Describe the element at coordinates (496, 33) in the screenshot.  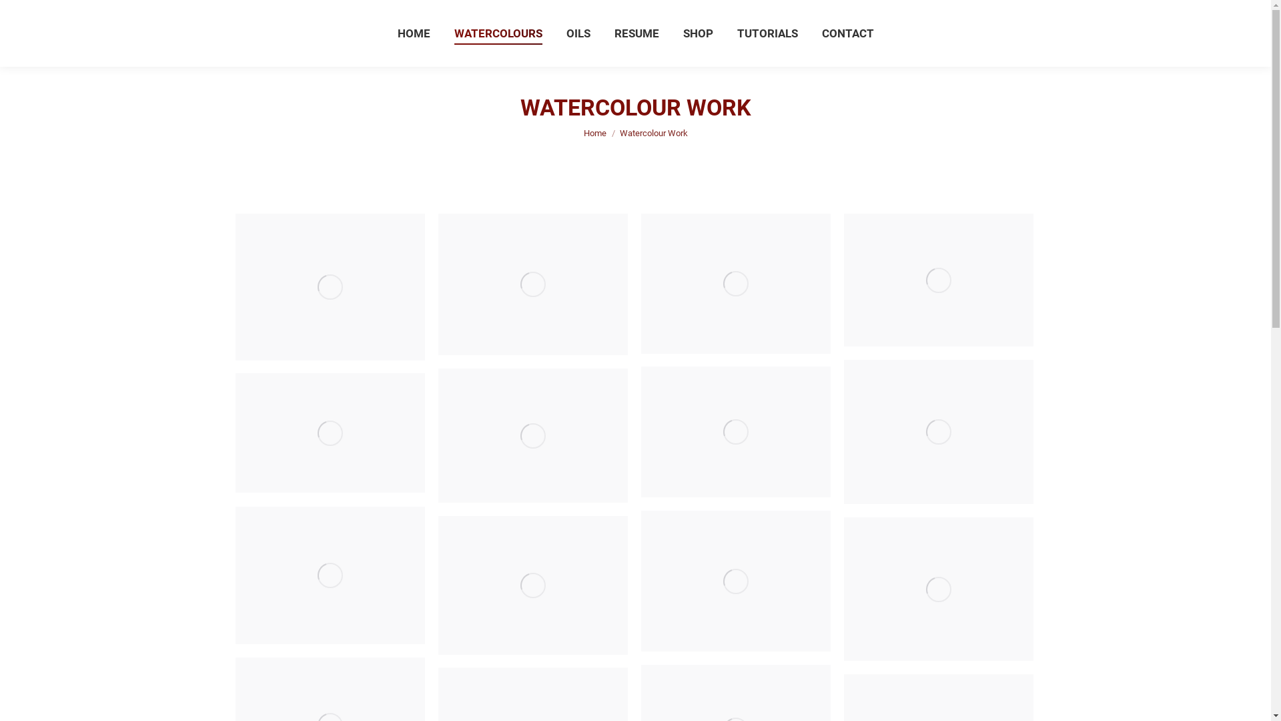
I see `'WATERCOLOURS'` at that location.